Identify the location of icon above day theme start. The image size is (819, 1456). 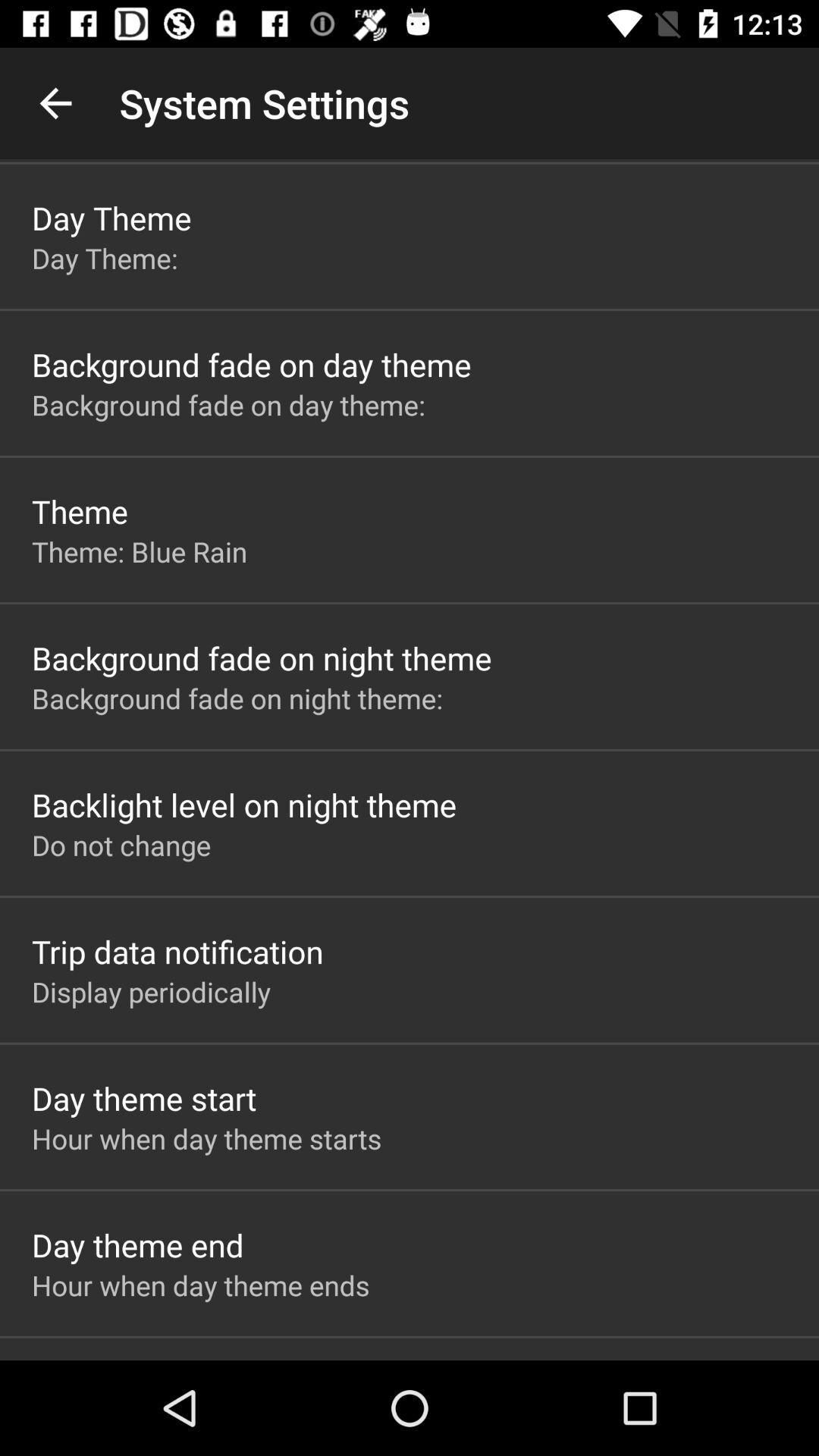
(151, 992).